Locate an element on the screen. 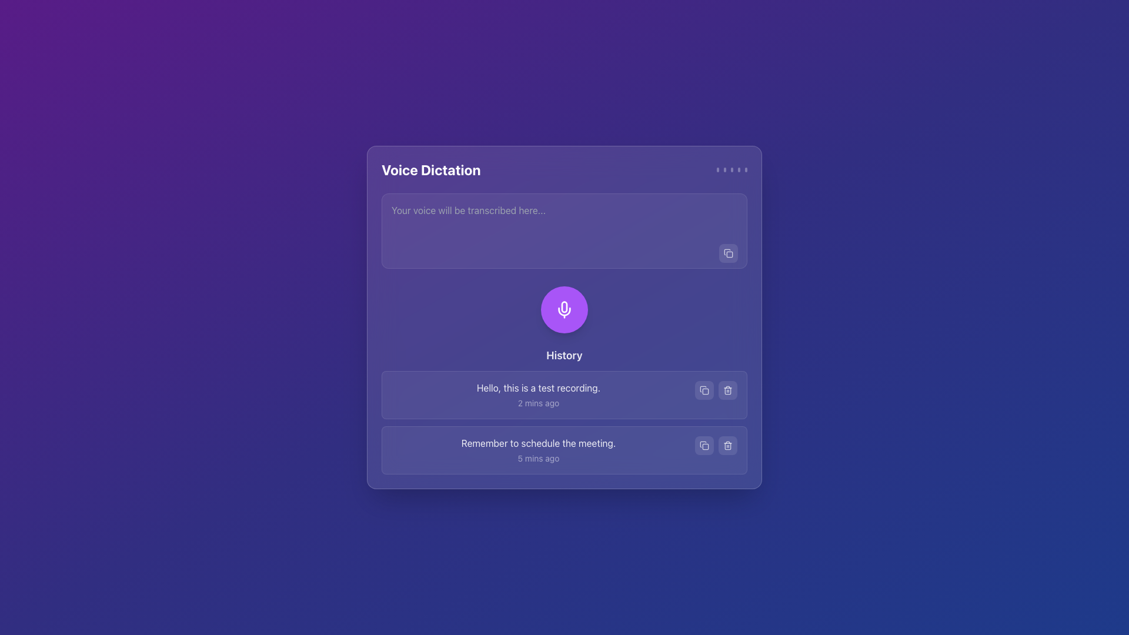  the delete icon button located at the lower row of the history section, positioned toward the right end is located at coordinates (727, 446).